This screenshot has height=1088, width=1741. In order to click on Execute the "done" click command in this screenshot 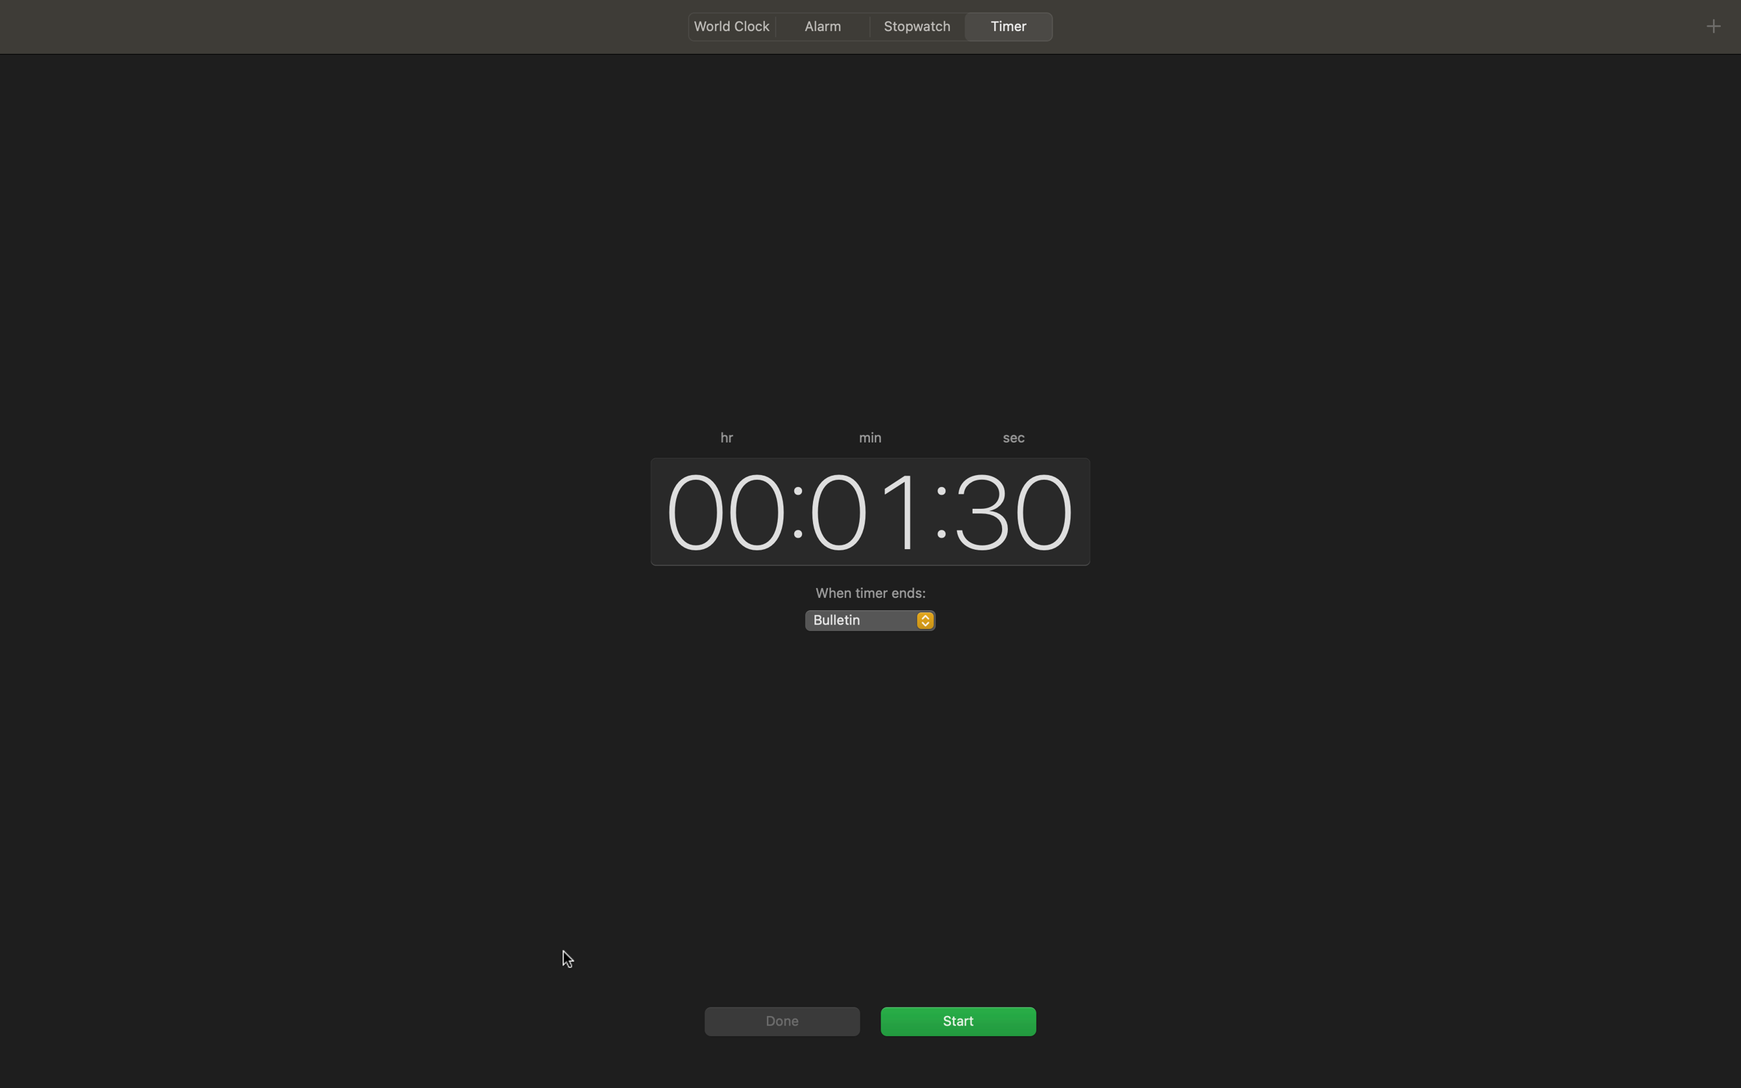, I will do `click(780, 1020)`.